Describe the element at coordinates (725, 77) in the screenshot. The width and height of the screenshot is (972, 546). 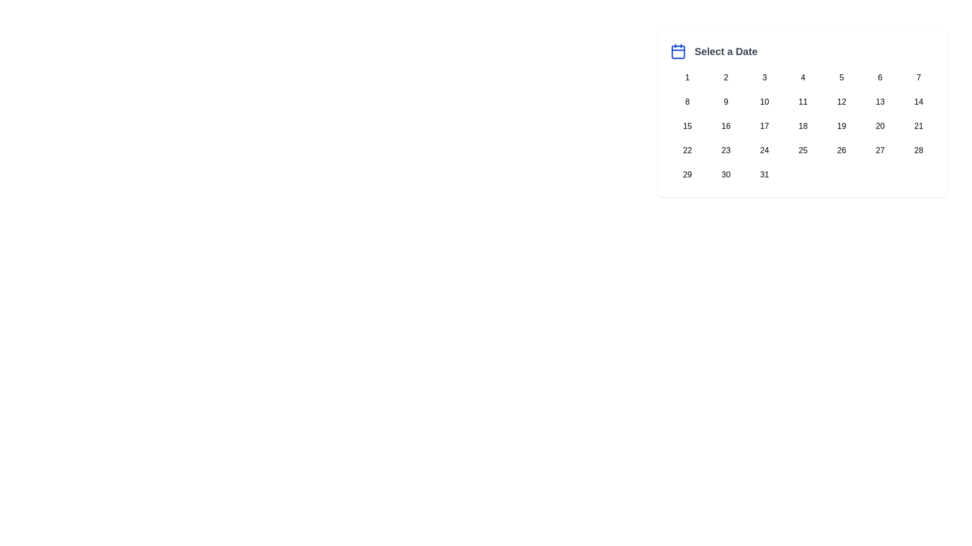
I see `the square-shaped button labeled '2' in the calendar interface` at that location.